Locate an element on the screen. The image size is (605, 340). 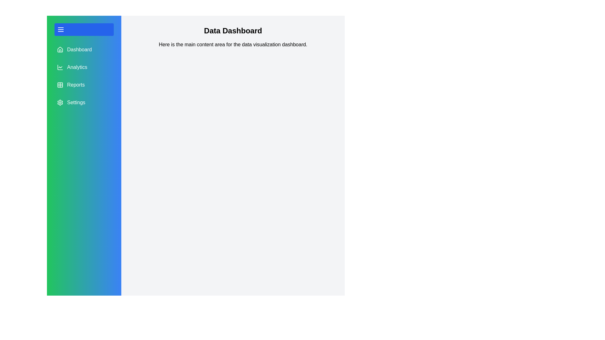
the menu item Dashboard in the side drawer is located at coordinates (84, 49).